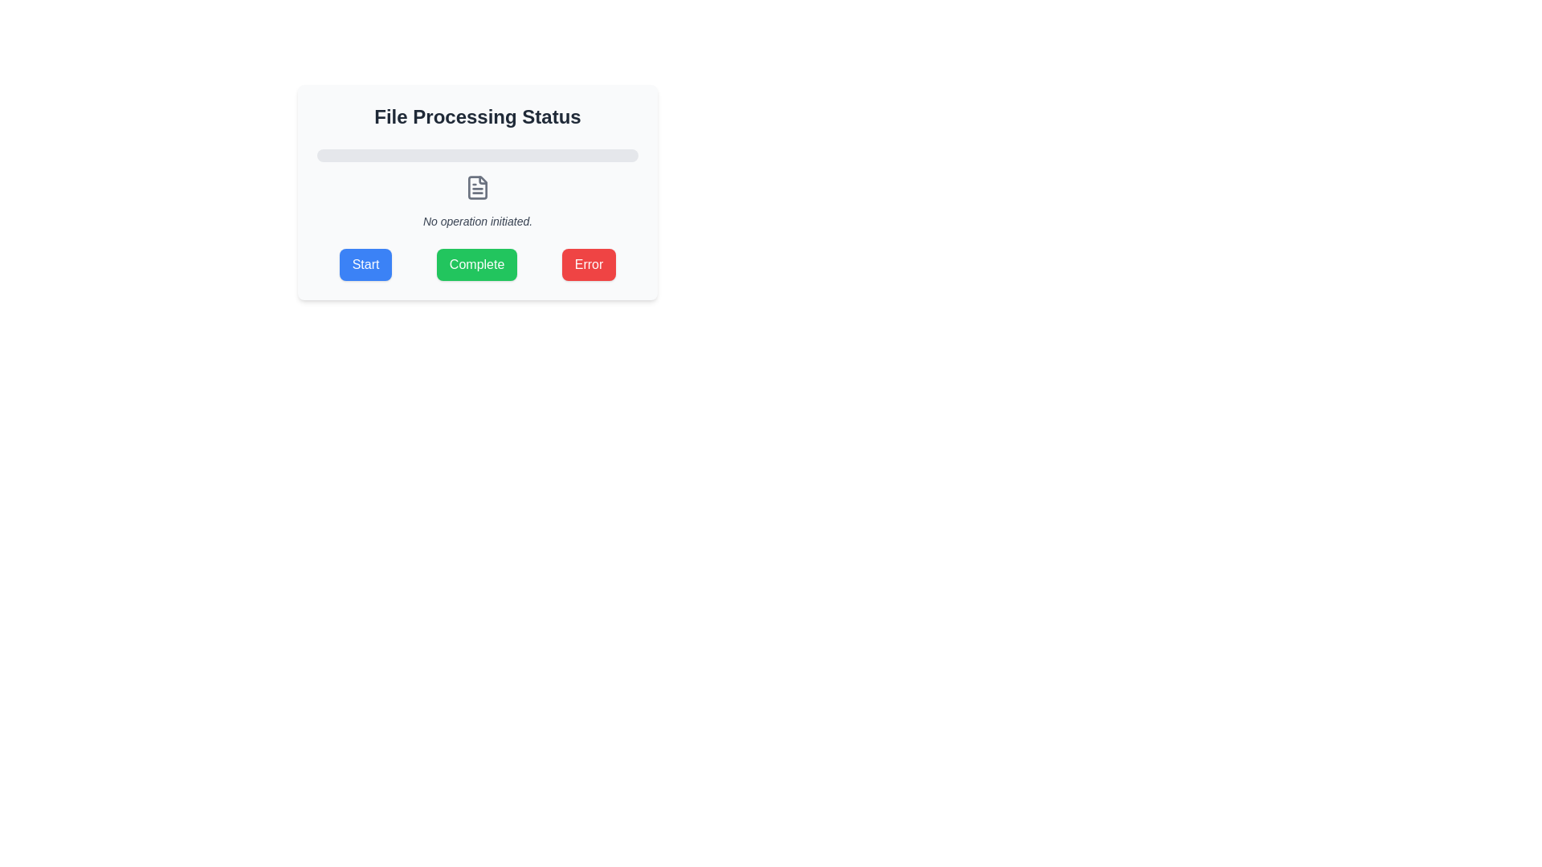 The image size is (1542, 867). I want to click on the second button in the row of three buttons at the bottom of the file processing status card to initiate the completion action, so click(477, 264).